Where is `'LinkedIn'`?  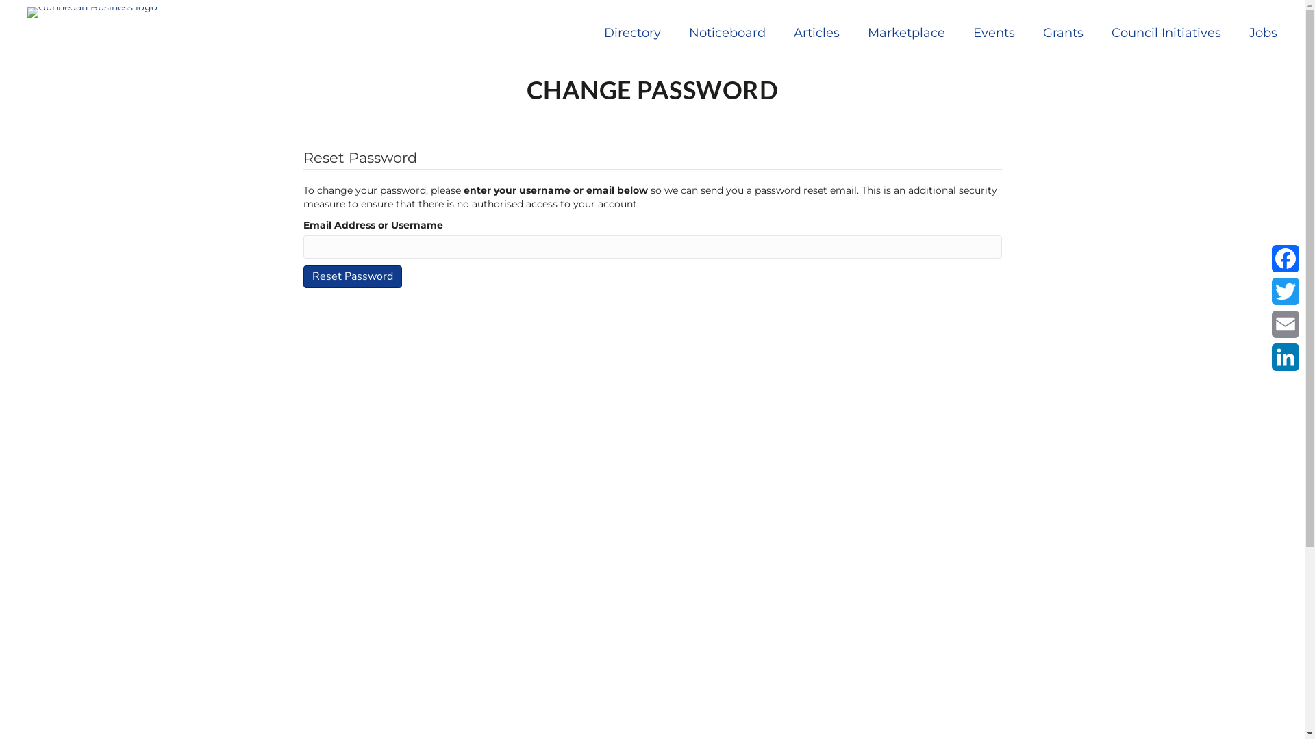
'LinkedIn' is located at coordinates (1284, 356).